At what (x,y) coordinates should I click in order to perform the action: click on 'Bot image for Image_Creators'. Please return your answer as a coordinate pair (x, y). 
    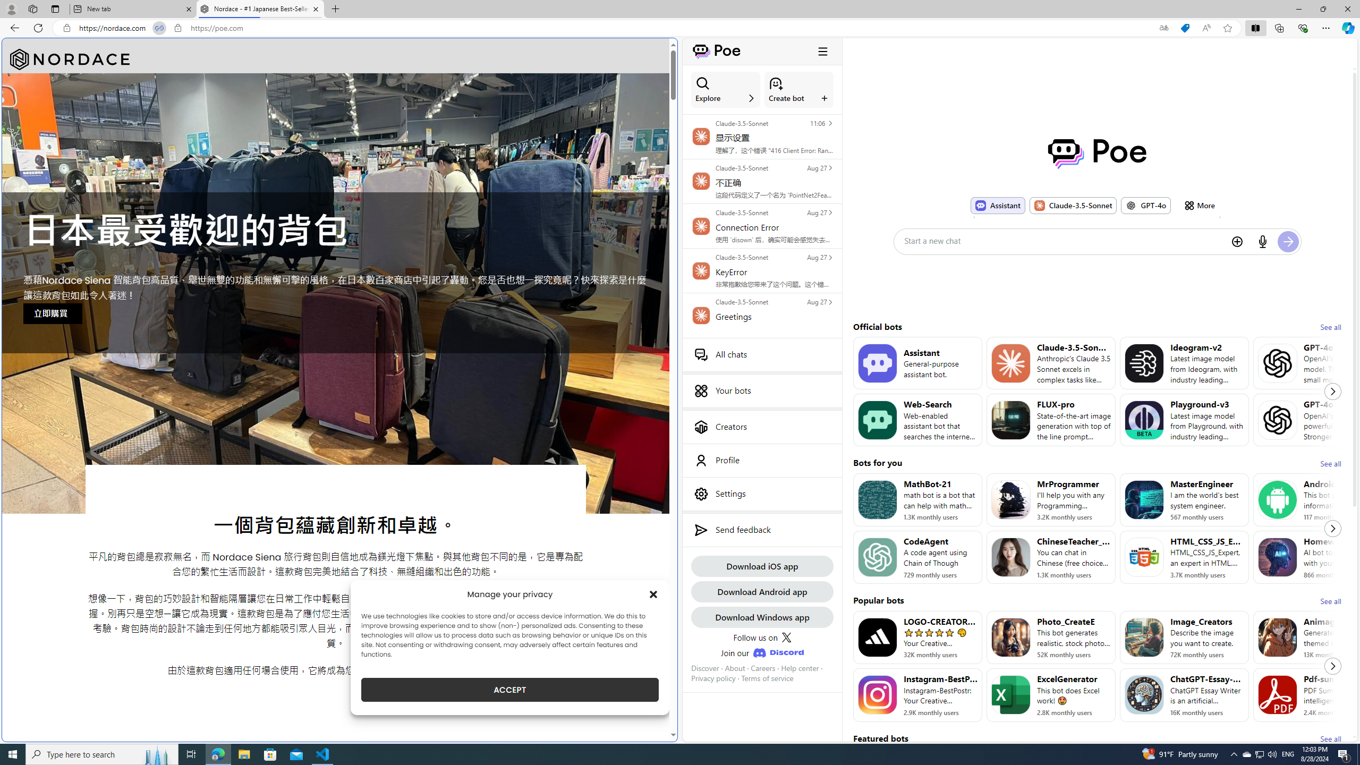
    Looking at the image, I should click on (1143, 637).